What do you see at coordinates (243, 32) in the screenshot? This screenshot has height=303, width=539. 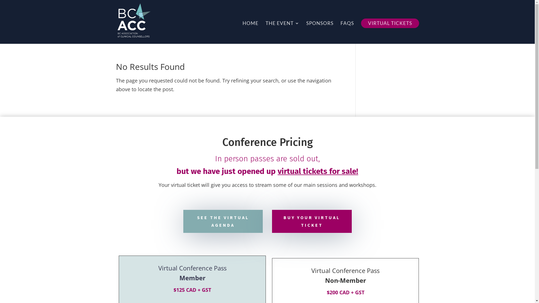 I see `'HOME'` at bounding box center [243, 32].